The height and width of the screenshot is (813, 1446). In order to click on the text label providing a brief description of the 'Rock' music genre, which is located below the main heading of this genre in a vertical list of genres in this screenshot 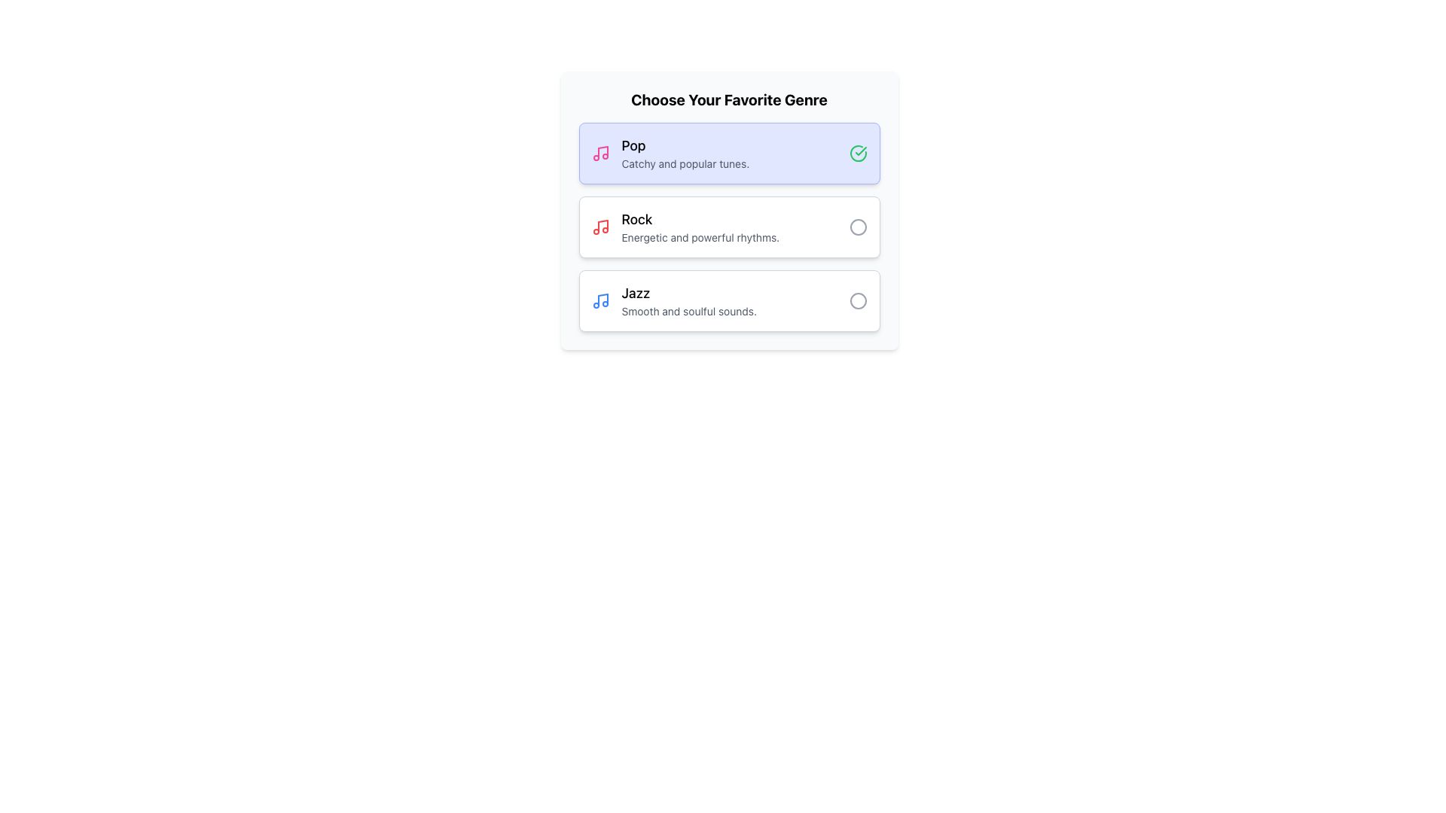, I will do `click(735, 237)`.